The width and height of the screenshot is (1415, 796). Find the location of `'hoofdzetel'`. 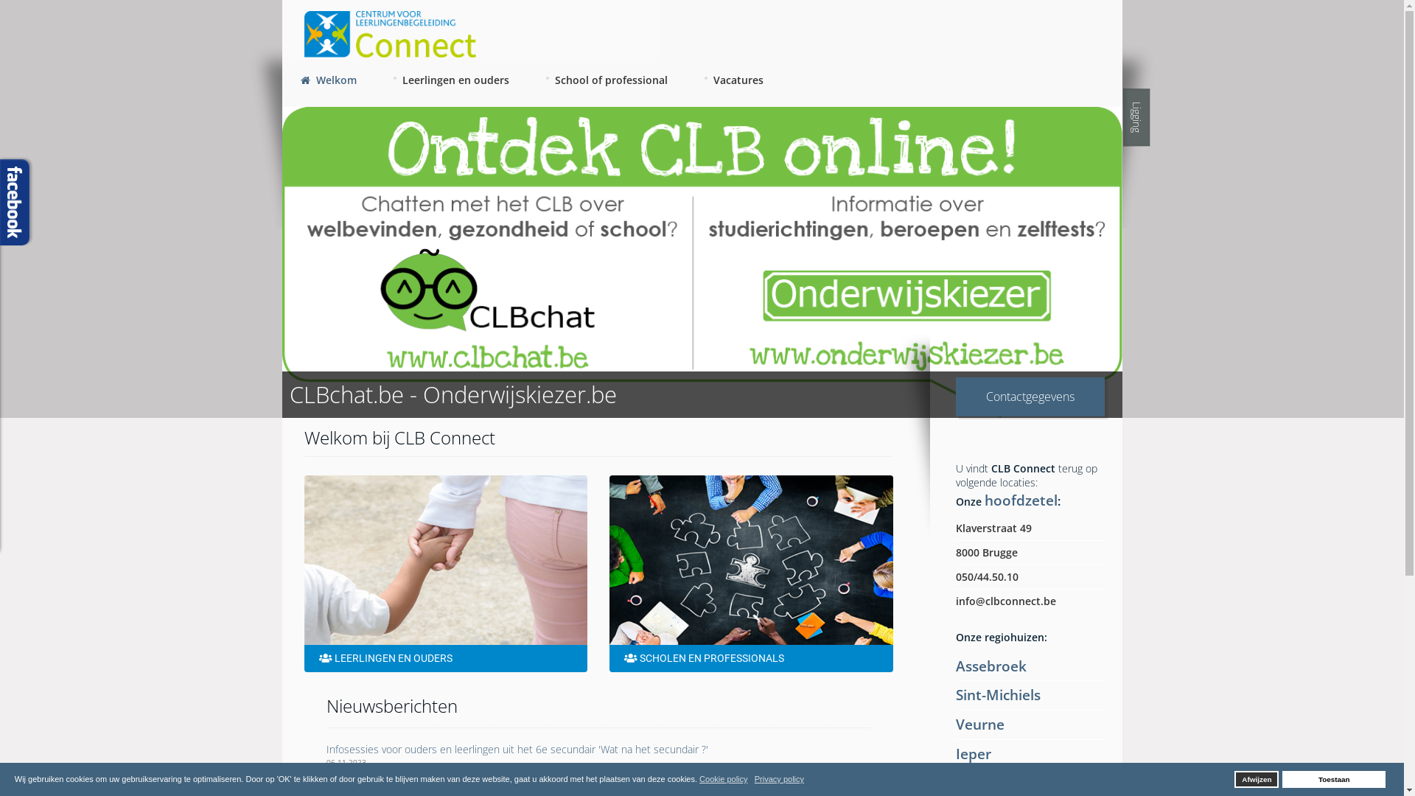

'hoofdzetel' is located at coordinates (1020, 499).